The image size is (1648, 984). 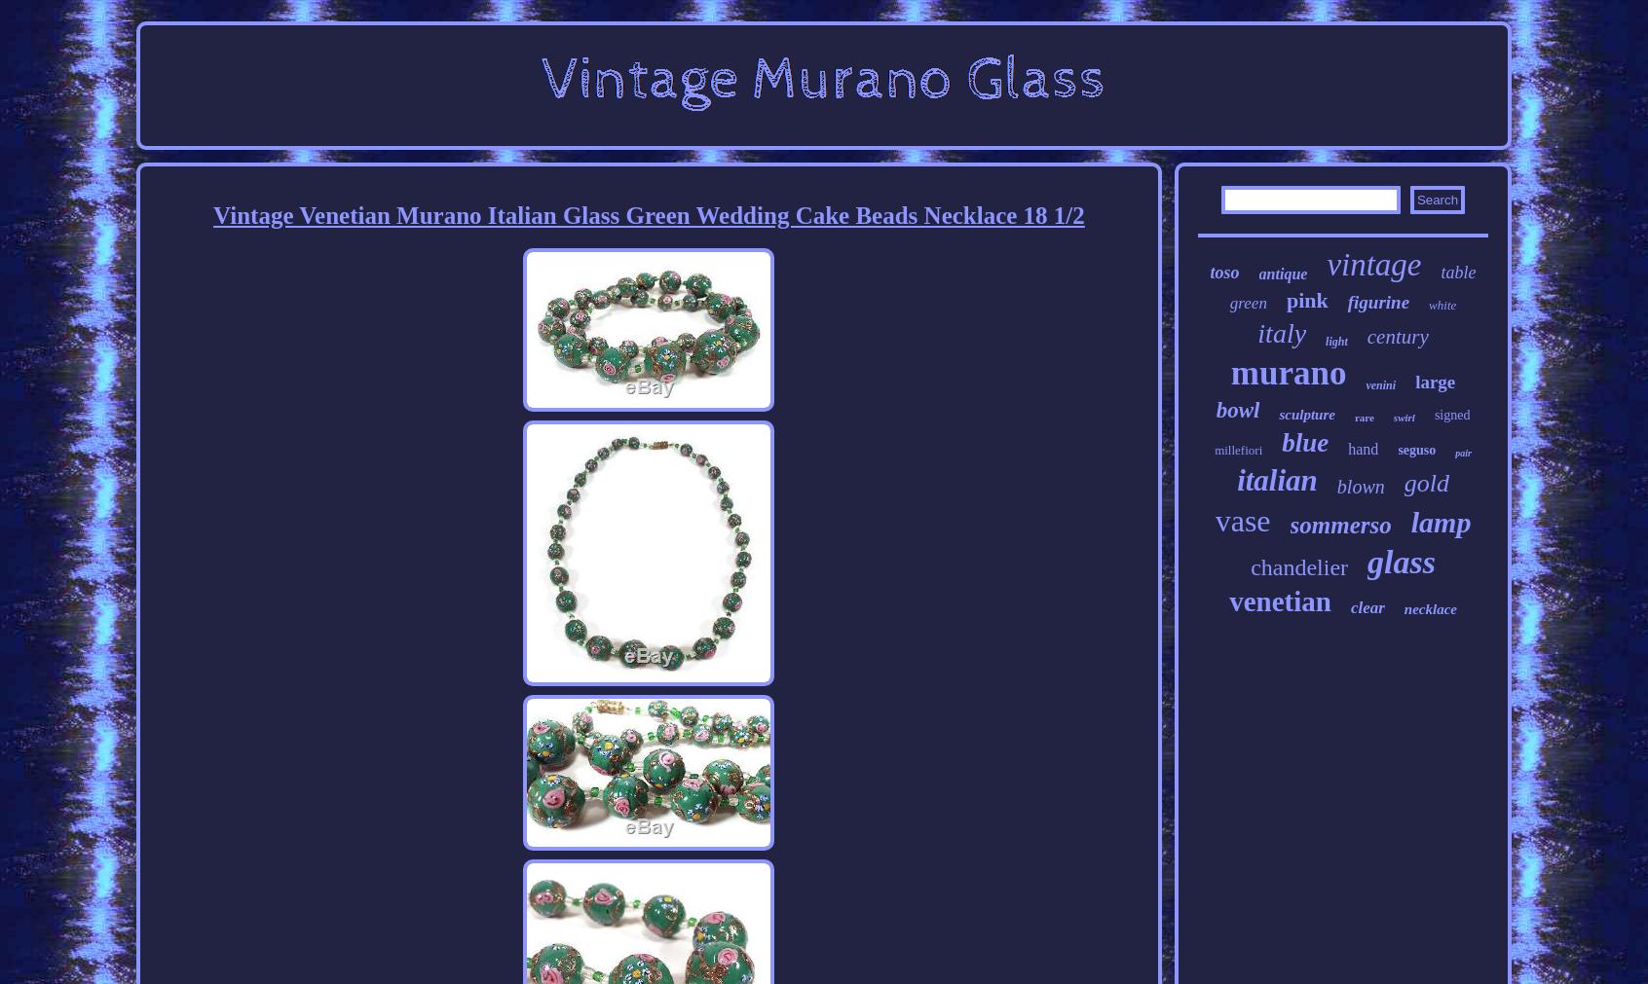 What do you see at coordinates (1348, 448) in the screenshot?
I see `'hand'` at bounding box center [1348, 448].